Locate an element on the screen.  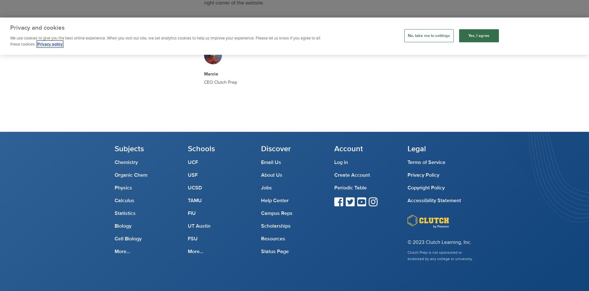
'Jobs' is located at coordinates (266, 188).